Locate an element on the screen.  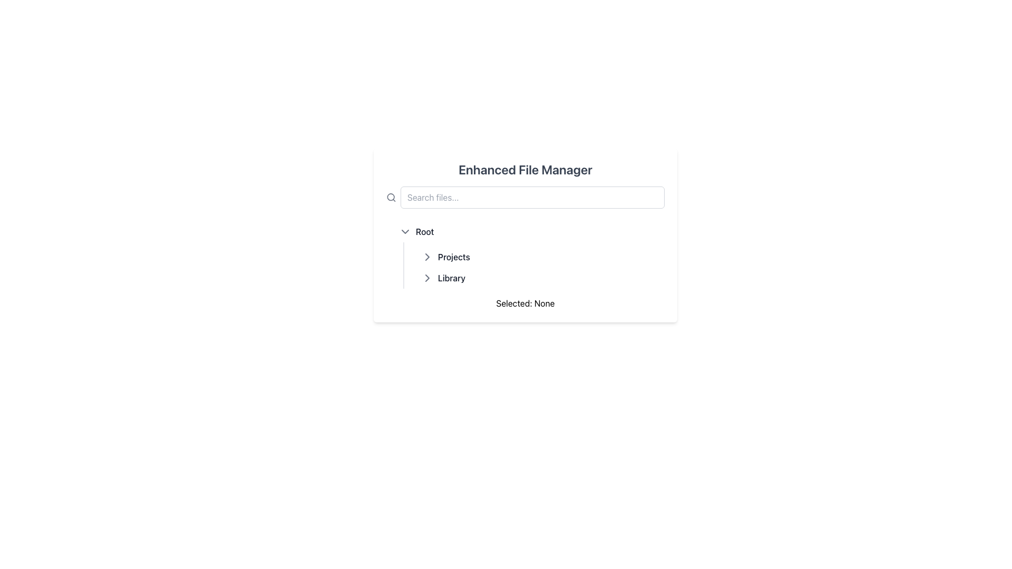
the 'Projects' text label is located at coordinates (454, 257).